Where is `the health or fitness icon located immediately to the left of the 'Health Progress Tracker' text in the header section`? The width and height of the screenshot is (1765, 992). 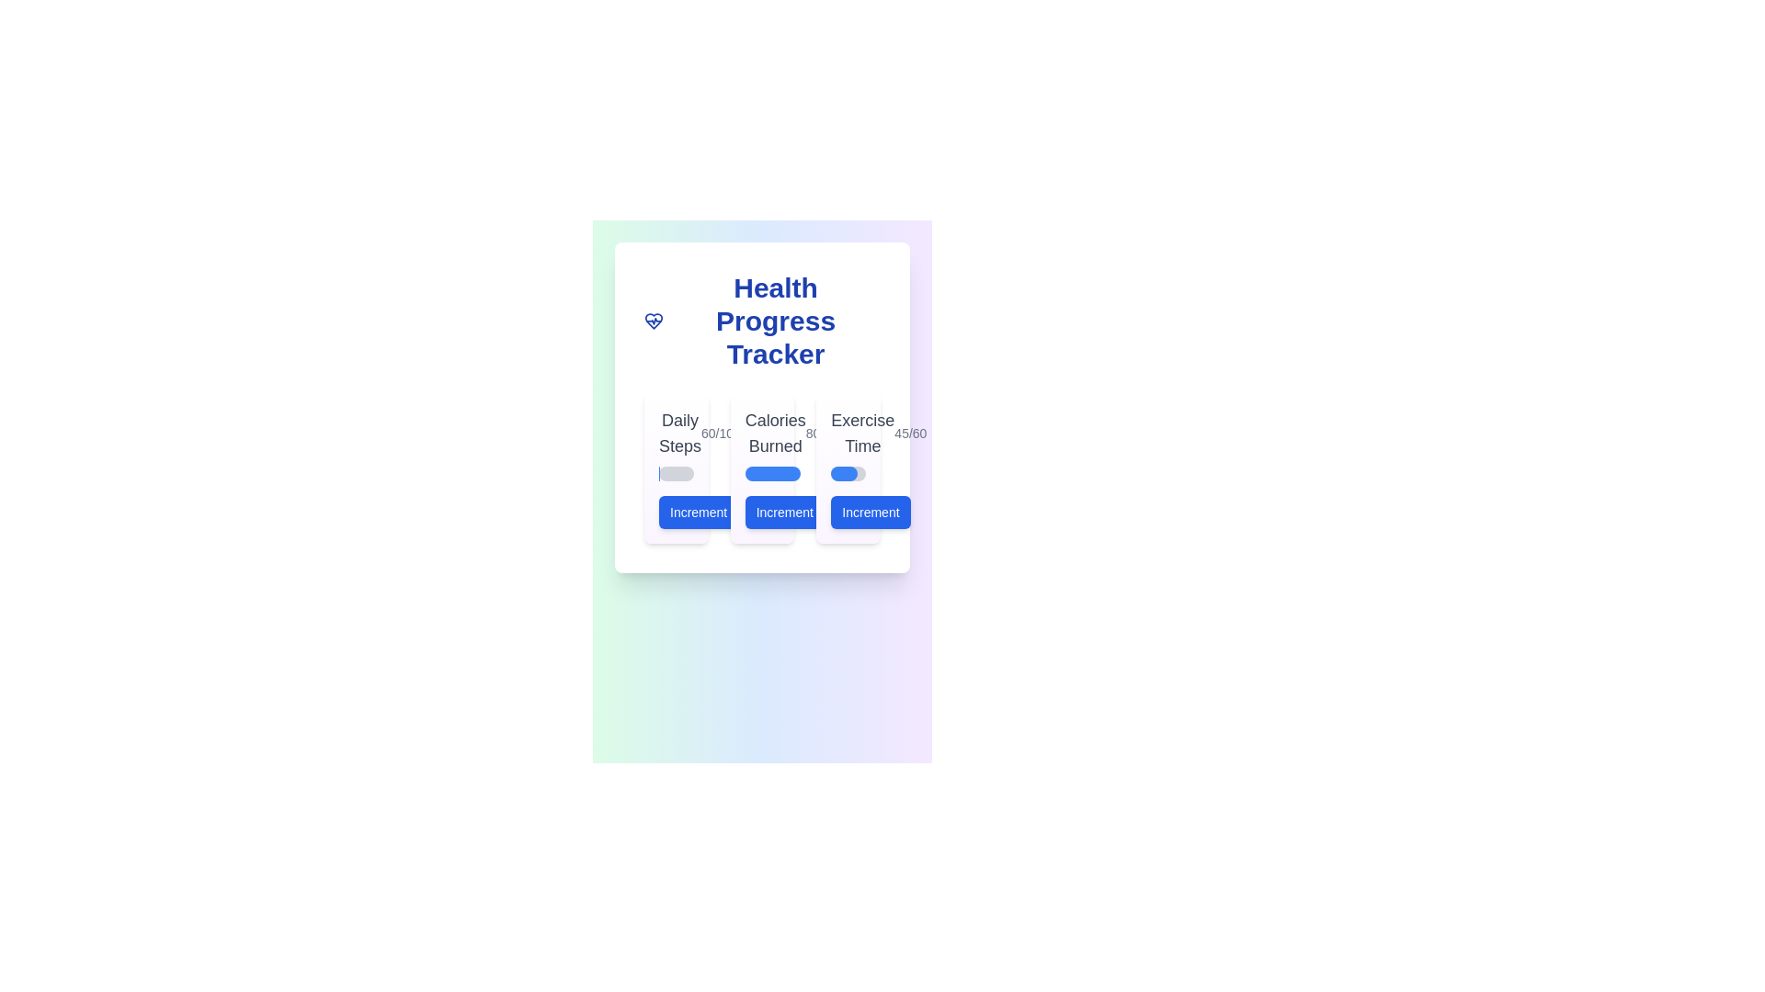 the health or fitness icon located immediately to the left of the 'Health Progress Tracker' text in the header section is located at coordinates (654, 321).